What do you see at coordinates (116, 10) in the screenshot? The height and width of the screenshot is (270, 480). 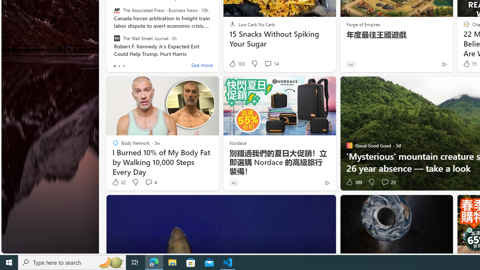 I see `'The Associated Press - Business News'` at bounding box center [116, 10].